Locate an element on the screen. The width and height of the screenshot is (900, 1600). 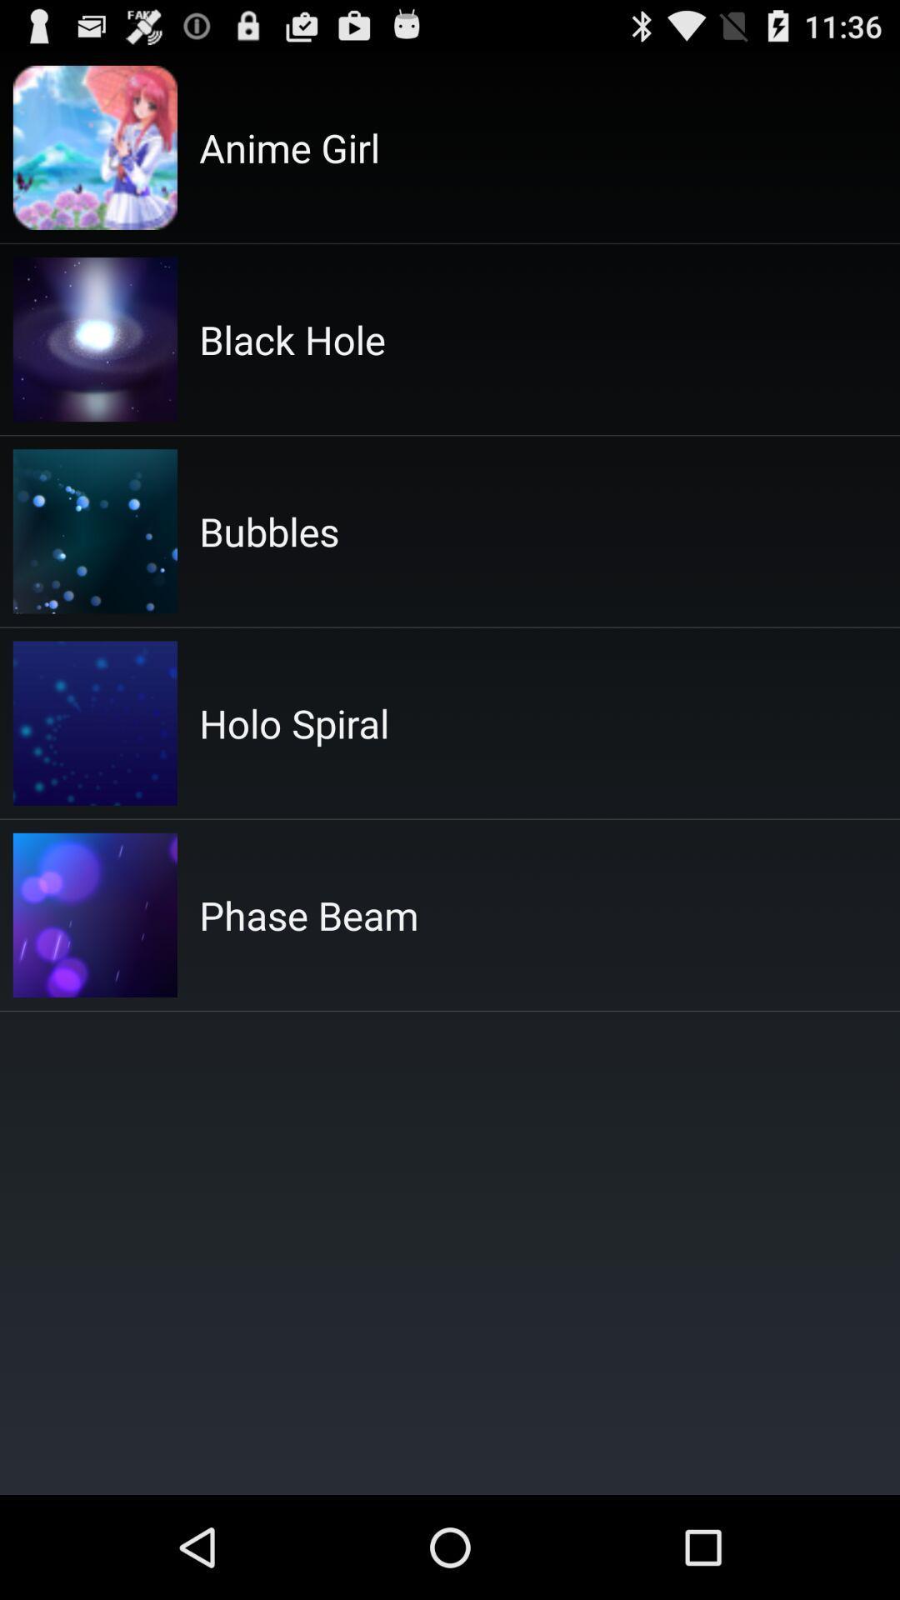
the anime girl is located at coordinates (288, 147).